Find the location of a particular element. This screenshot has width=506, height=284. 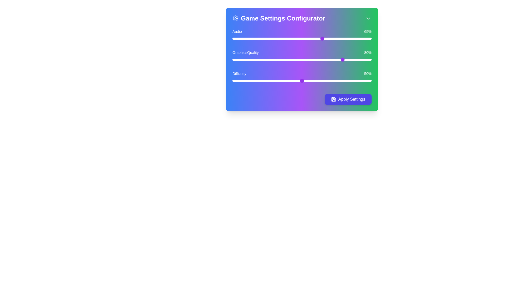

the difficulty slider is located at coordinates (289, 81).